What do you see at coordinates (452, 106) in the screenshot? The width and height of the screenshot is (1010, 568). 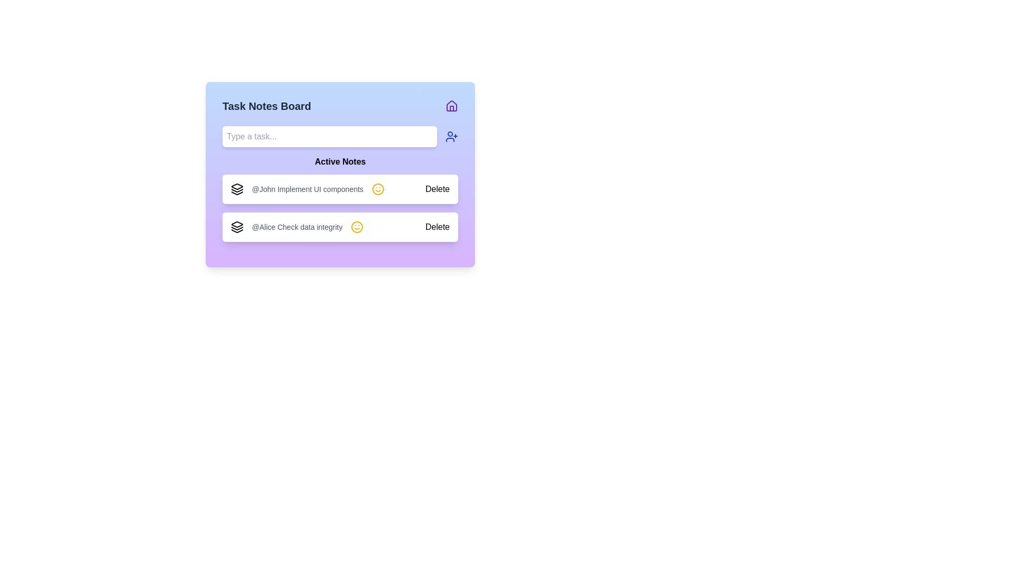 I see `the icon located in the top-right corner of the 'Task Notes Board' header` at bounding box center [452, 106].